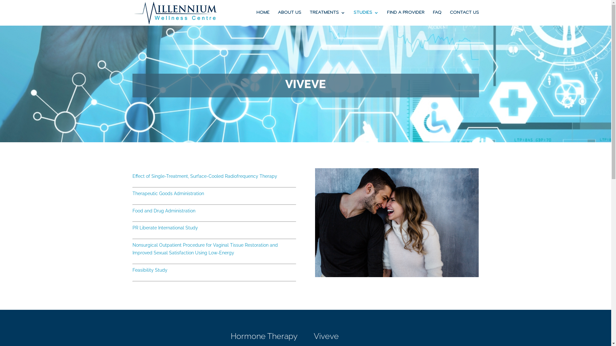 The width and height of the screenshot is (616, 346). Describe the element at coordinates (464, 18) in the screenshot. I see `'CONTACT US'` at that location.